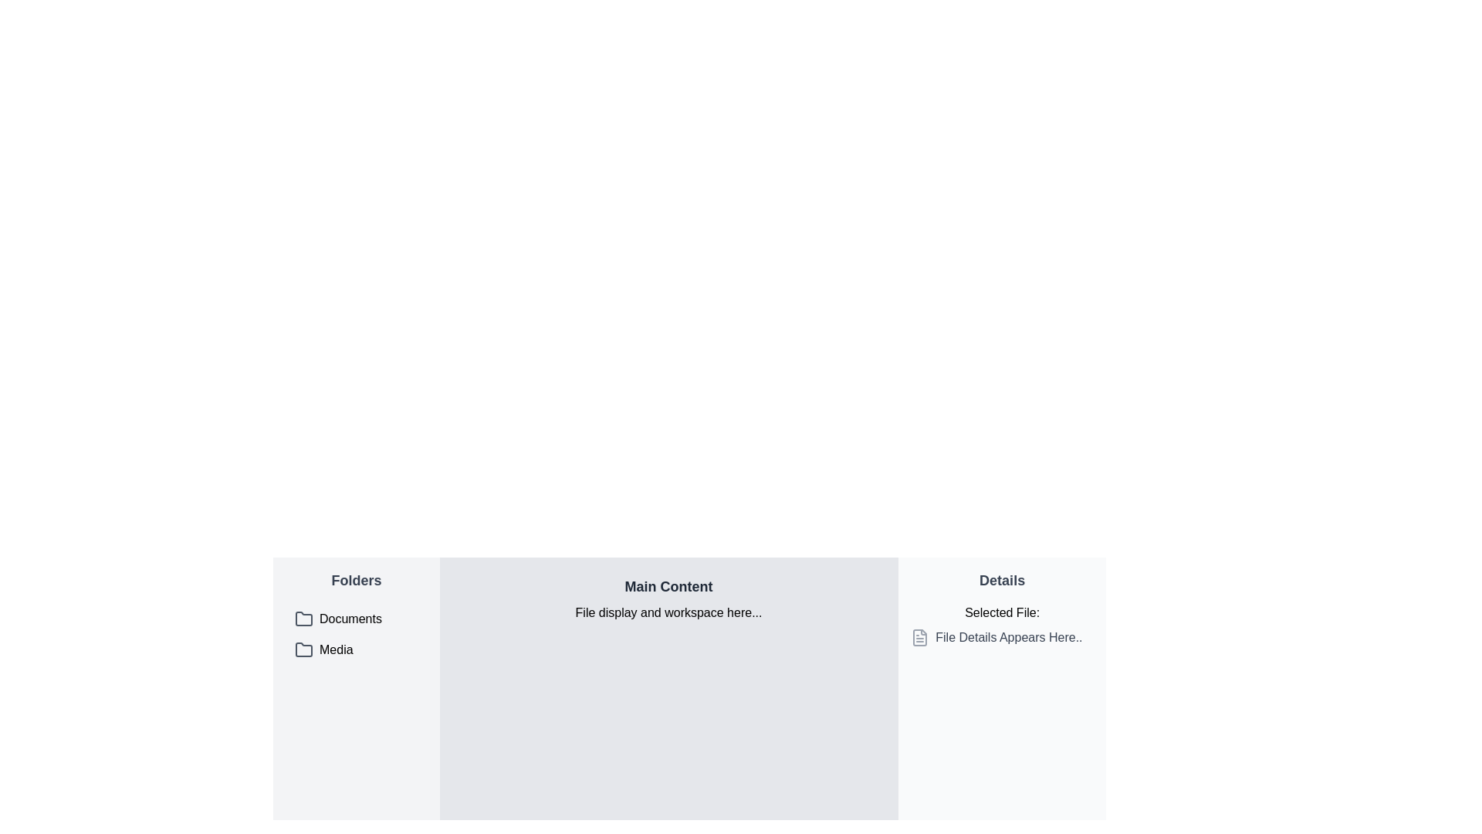 This screenshot has height=834, width=1482. What do you see at coordinates (303, 649) in the screenshot?
I see `the folder icon representing the 'Media' section, which is located in the vertical list of items in the sidebar, positioned to the left of the text label 'Media'` at bounding box center [303, 649].